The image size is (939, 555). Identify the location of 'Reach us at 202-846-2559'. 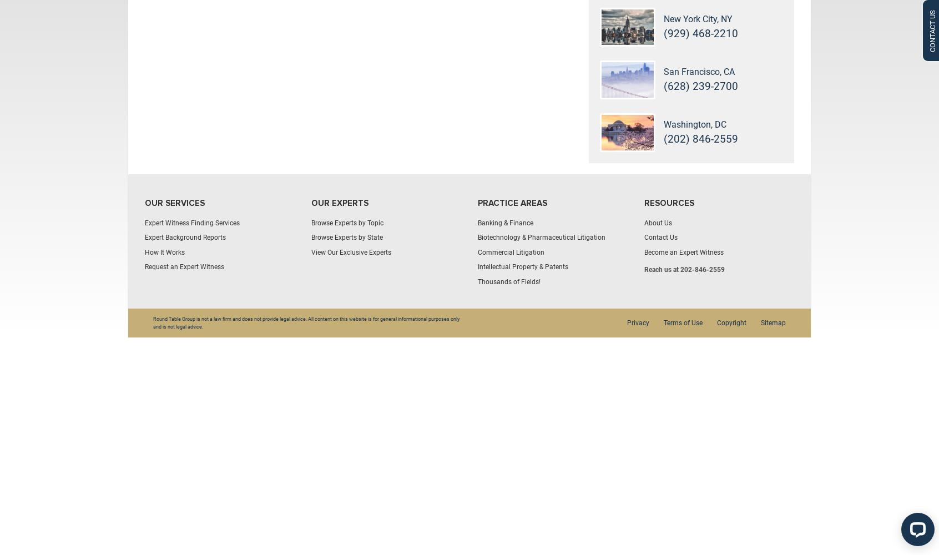
(684, 269).